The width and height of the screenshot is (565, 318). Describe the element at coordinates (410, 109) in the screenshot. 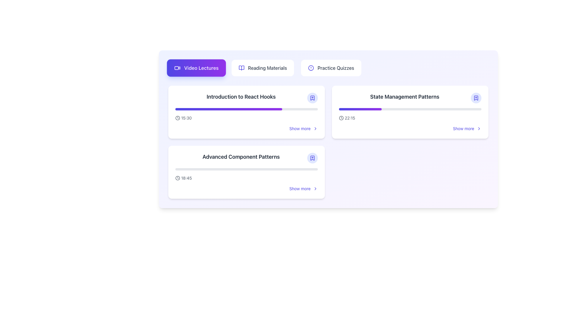

I see `the horizontal progress indicator with rounded edges, which is located below the text 'State Management Patterns' and above the time text '22:15'` at that location.